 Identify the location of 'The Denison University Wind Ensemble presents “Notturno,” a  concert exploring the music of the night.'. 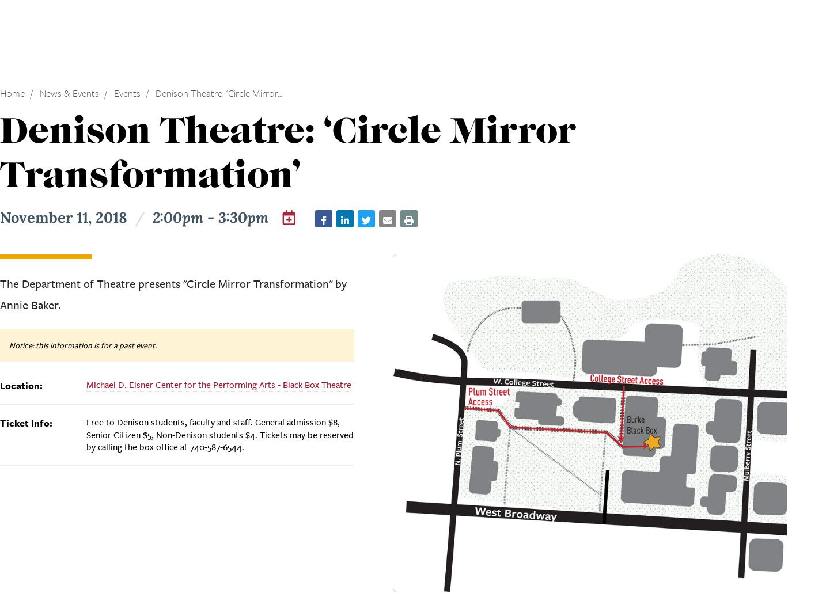
(215, 466).